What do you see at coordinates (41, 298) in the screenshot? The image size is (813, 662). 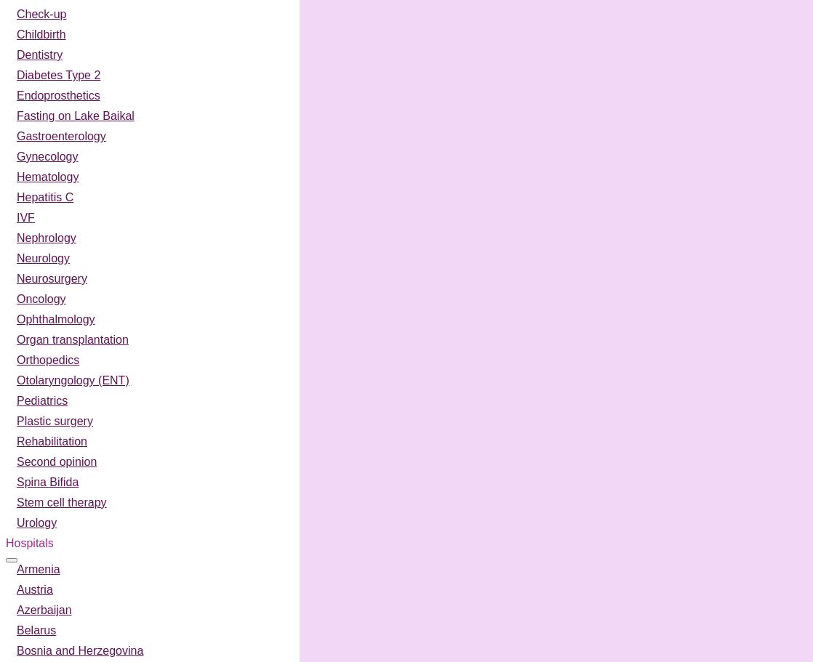 I see `'Oncology'` at bounding box center [41, 298].